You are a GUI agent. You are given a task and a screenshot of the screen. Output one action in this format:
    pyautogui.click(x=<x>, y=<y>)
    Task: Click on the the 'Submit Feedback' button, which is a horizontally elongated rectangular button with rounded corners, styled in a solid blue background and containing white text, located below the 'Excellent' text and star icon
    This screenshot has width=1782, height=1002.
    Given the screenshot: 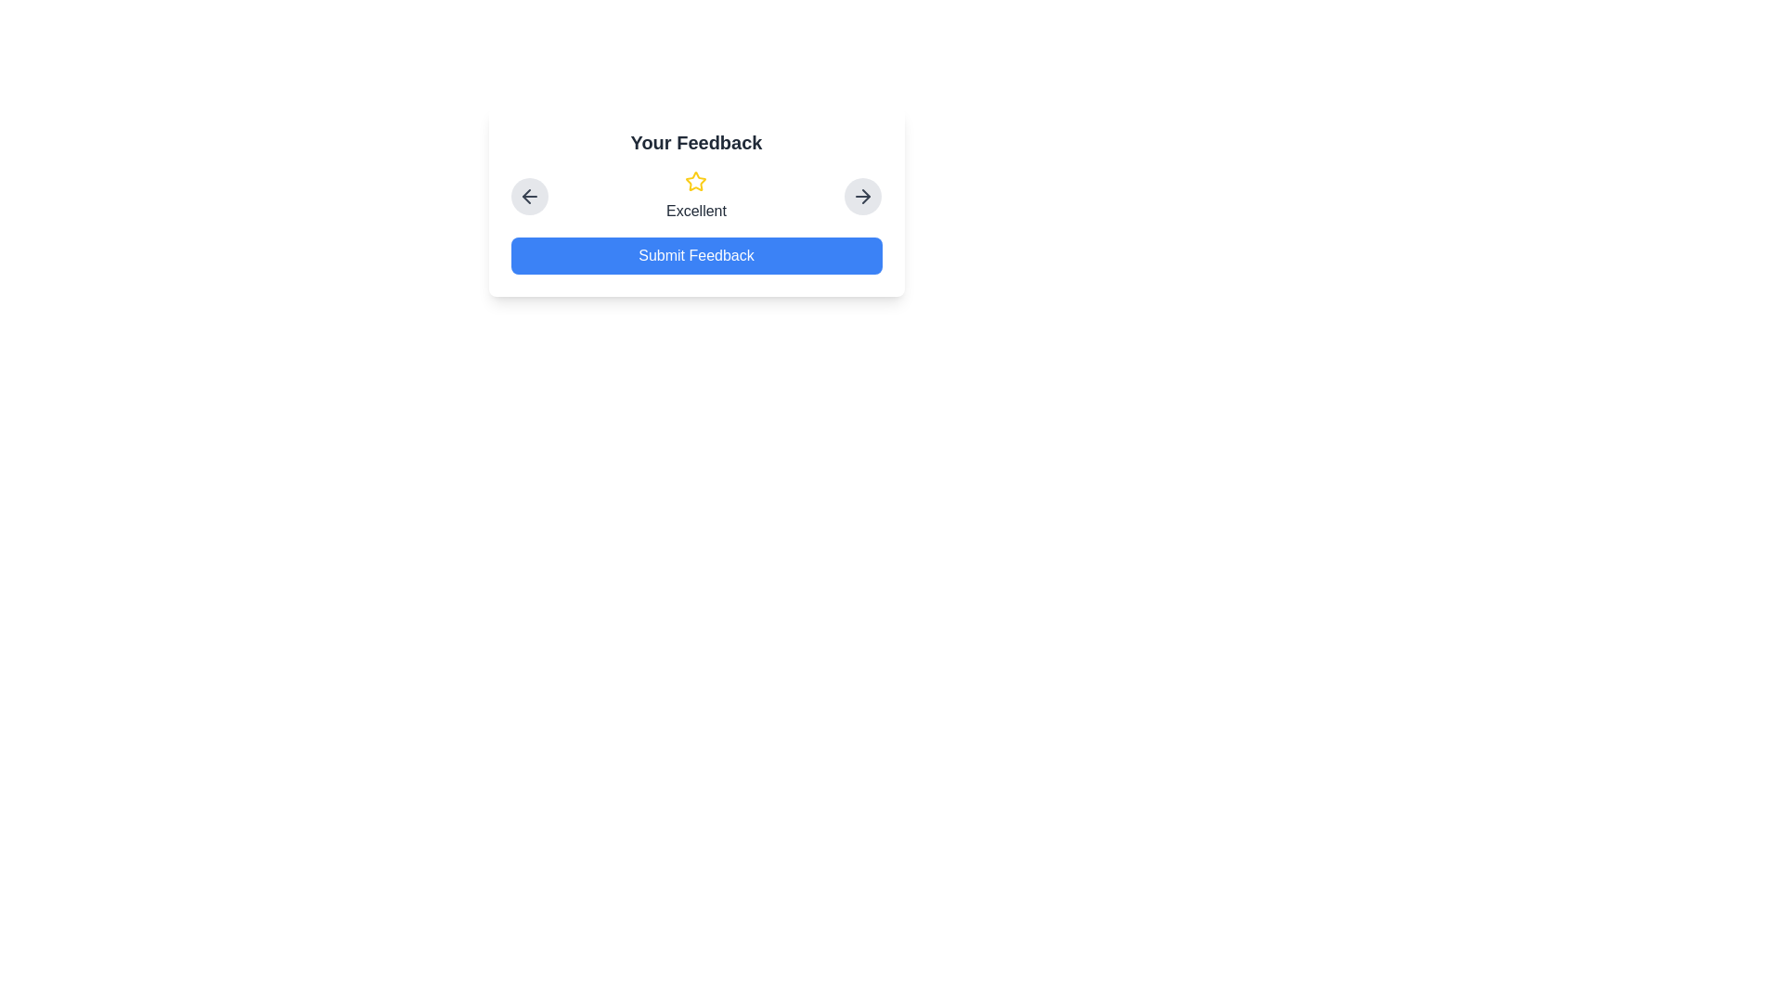 What is the action you would take?
    pyautogui.click(x=695, y=256)
    